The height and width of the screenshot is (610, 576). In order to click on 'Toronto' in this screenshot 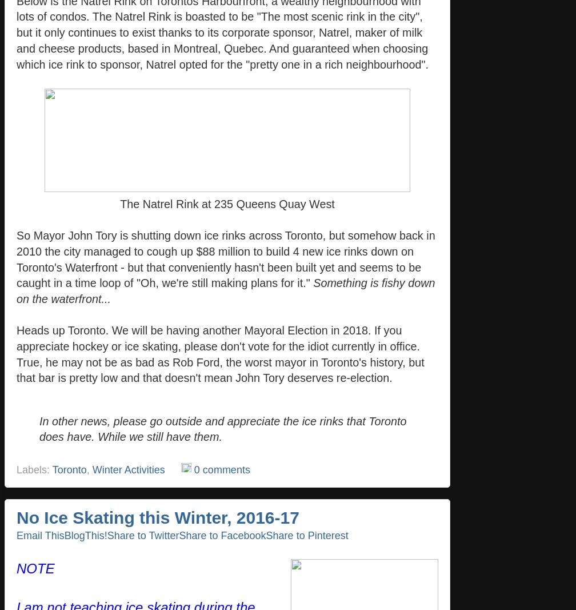, I will do `click(69, 468)`.